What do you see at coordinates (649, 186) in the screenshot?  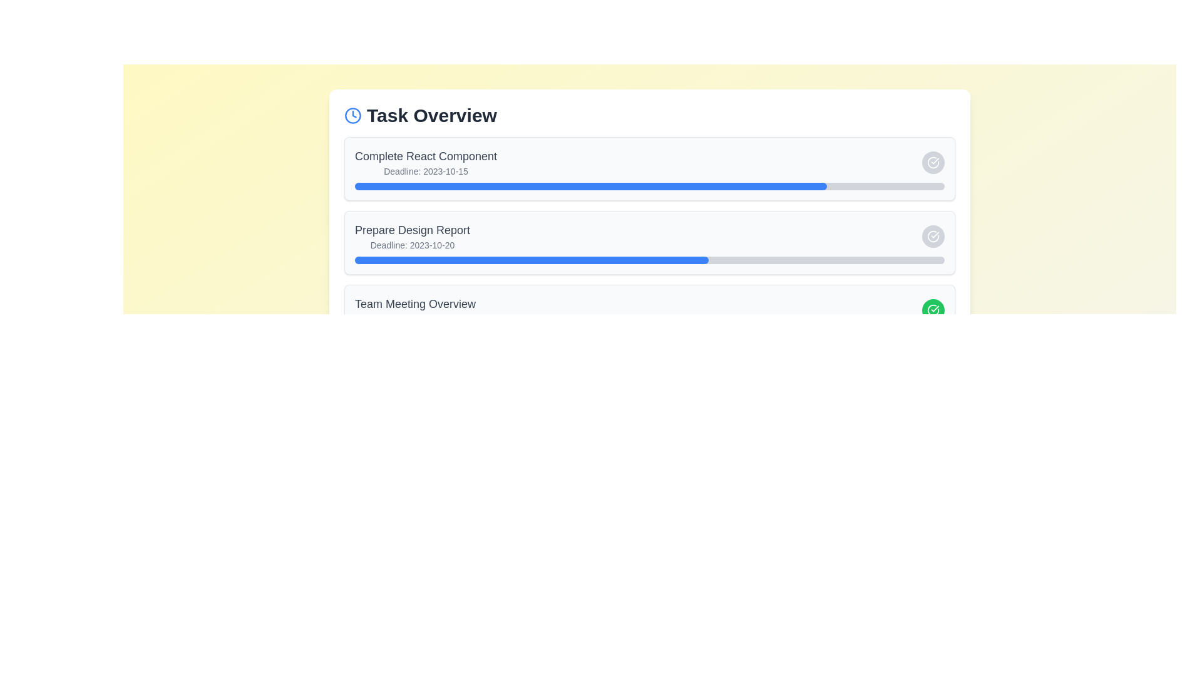 I see `the progress bar located below the task text of the 'Complete React Component' task card in the task overview section` at bounding box center [649, 186].